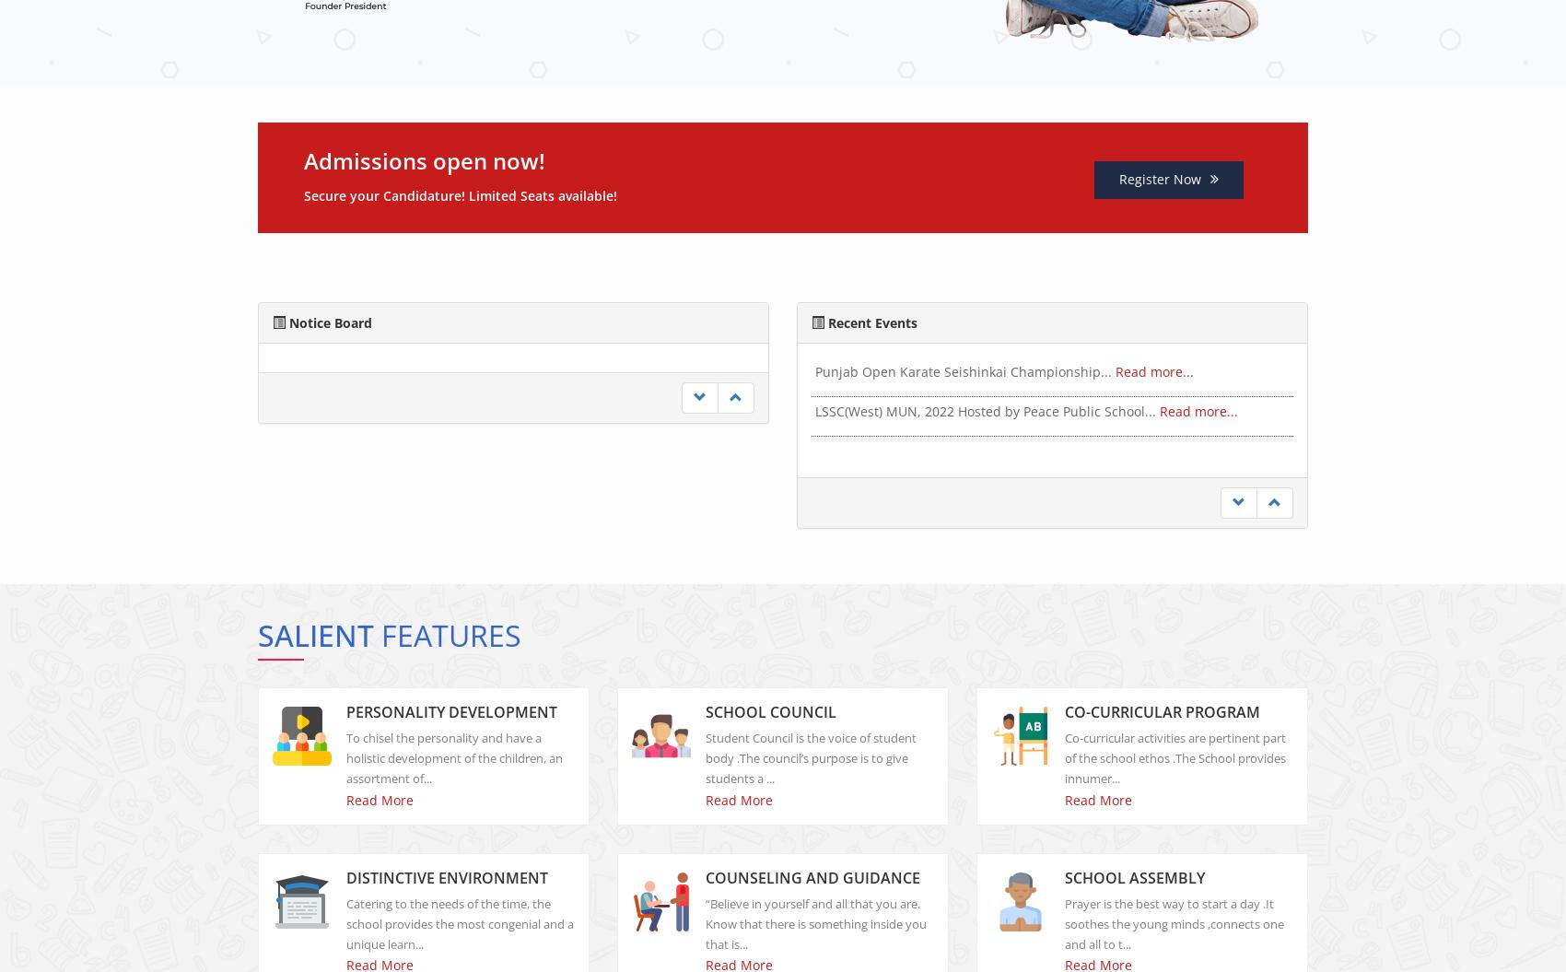 This screenshot has width=1566, height=972. Describe the element at coordinates (988, 451) in the screenshot. I see `'LSSC(West) MUN, 2022 Hosted by Peace Public School...'` at that location.